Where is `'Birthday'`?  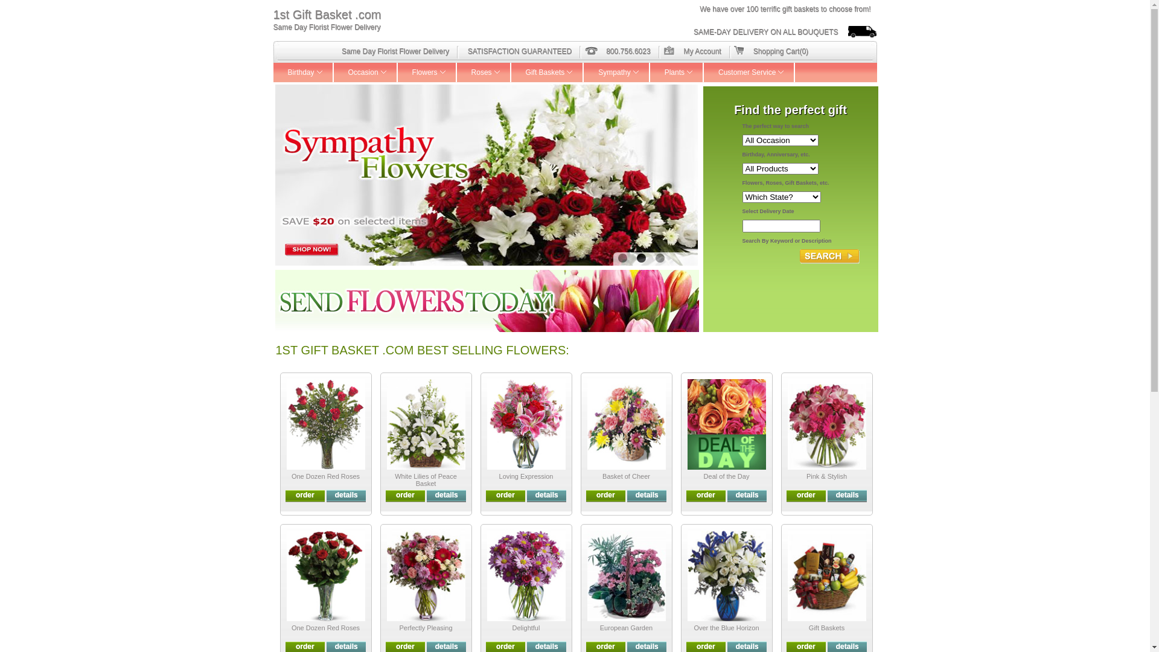
'Birthday' is located at coordinates (303, 72).